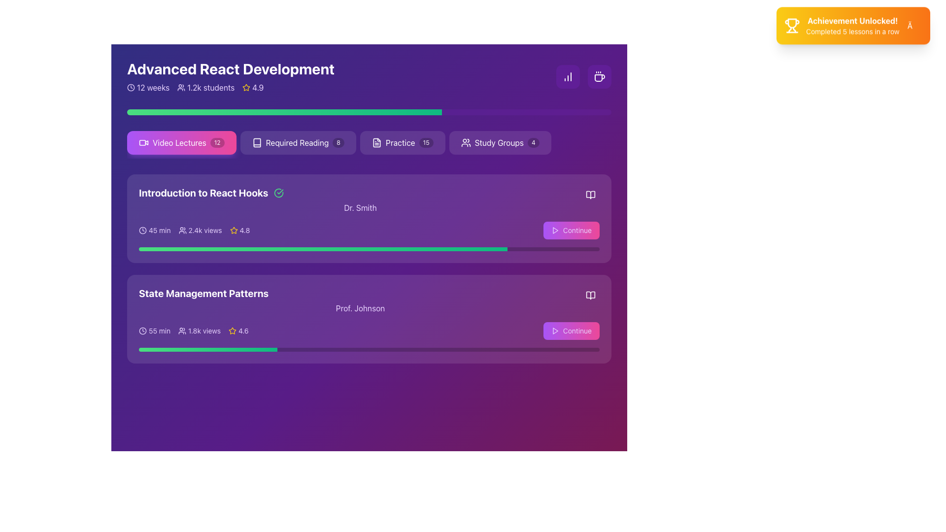 The width and height of the screenshot is (946, 532). What do you see at coordinates (555, 230) in the screenshot?
I see `the play indicator SVG icon located in the bottom right corner of the 'Continue' button, positioned to the left of the text 'Continue'` at bounding box center [555, 230].